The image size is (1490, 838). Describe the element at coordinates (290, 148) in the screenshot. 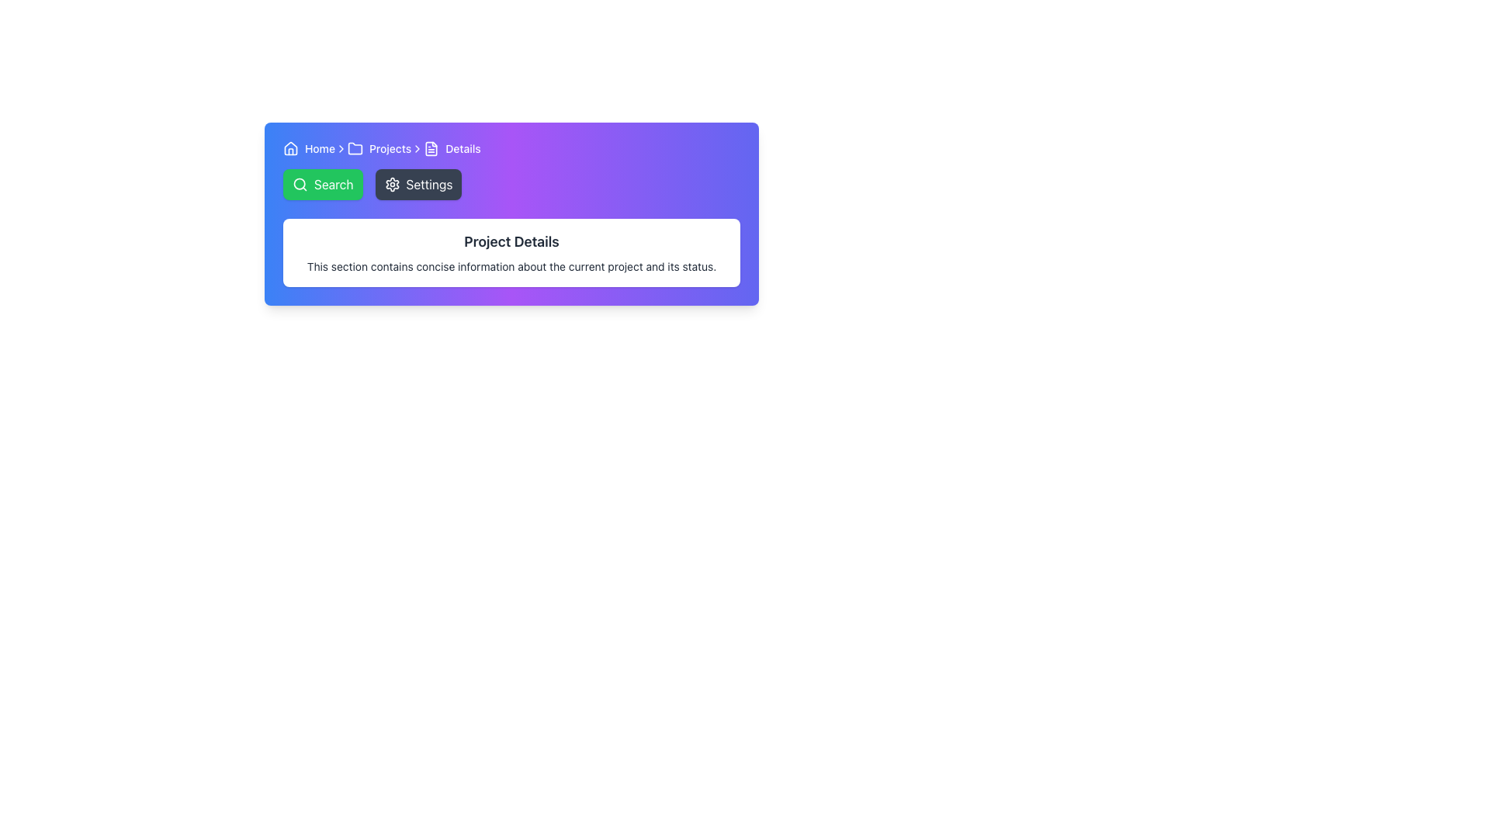

I see `the main outline of the house icon, which is the lower part representing the roof, located in the top-left section of the interface, next to the 'Home' breadcrumb navigation text` at that location.